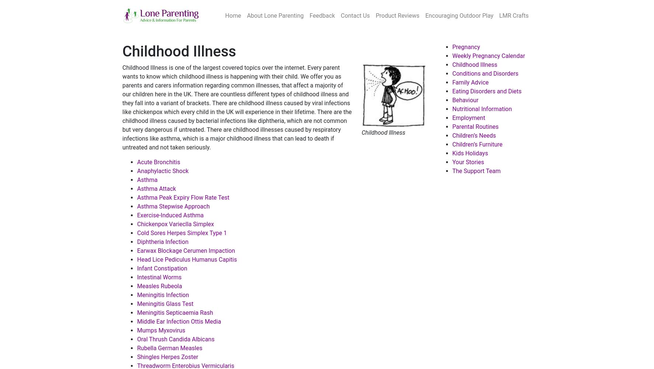 The height and width of the screenshot is (369, 654). What do you see at coordinates (175, 312) in the screenshot?
I see `'Meningitis Septicaemia Rash'` at bounding box center [175, 312].